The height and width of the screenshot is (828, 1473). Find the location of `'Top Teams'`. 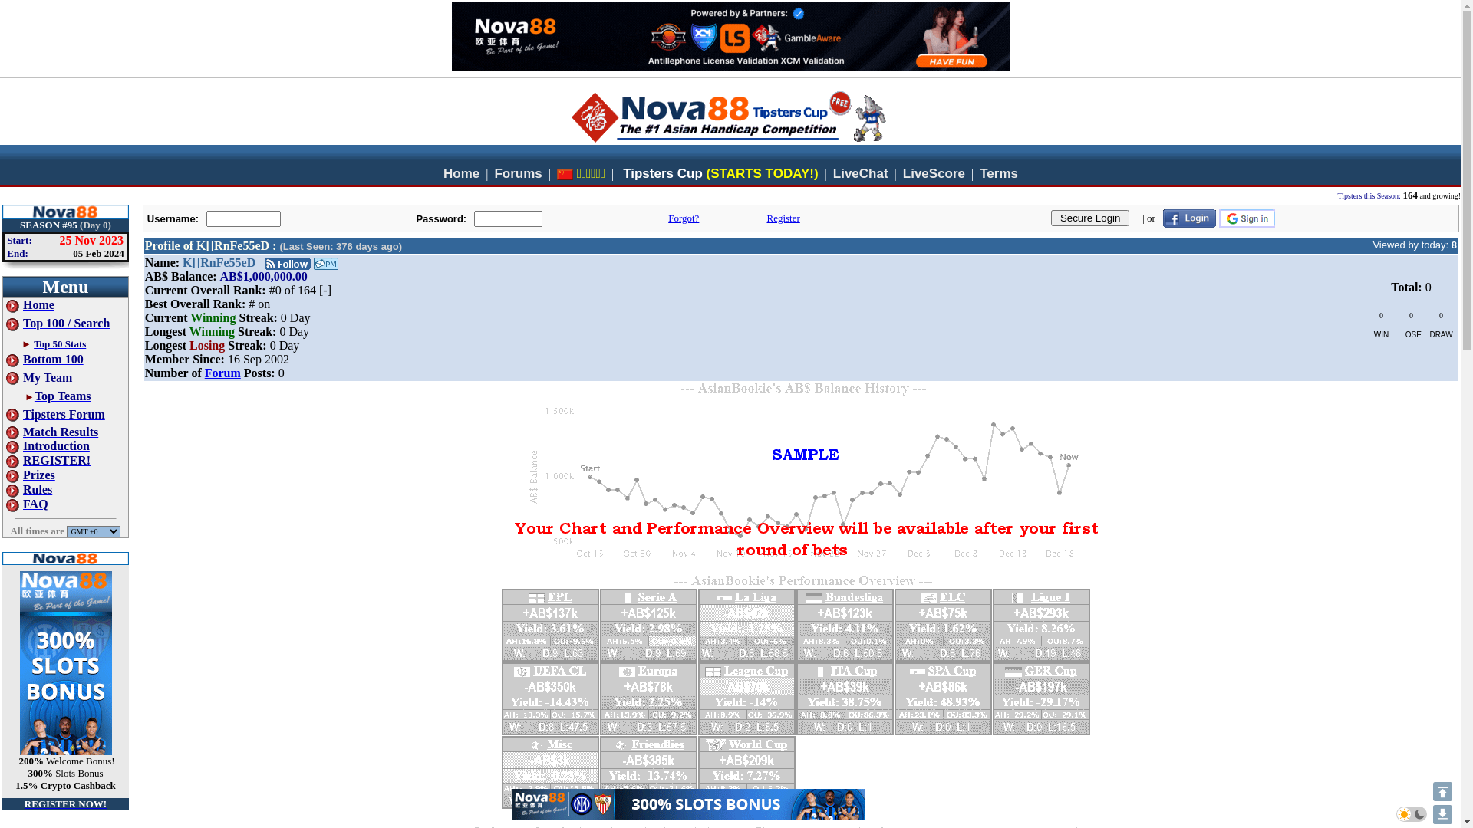

'Top Teams' is located at coordinates (34, 395).